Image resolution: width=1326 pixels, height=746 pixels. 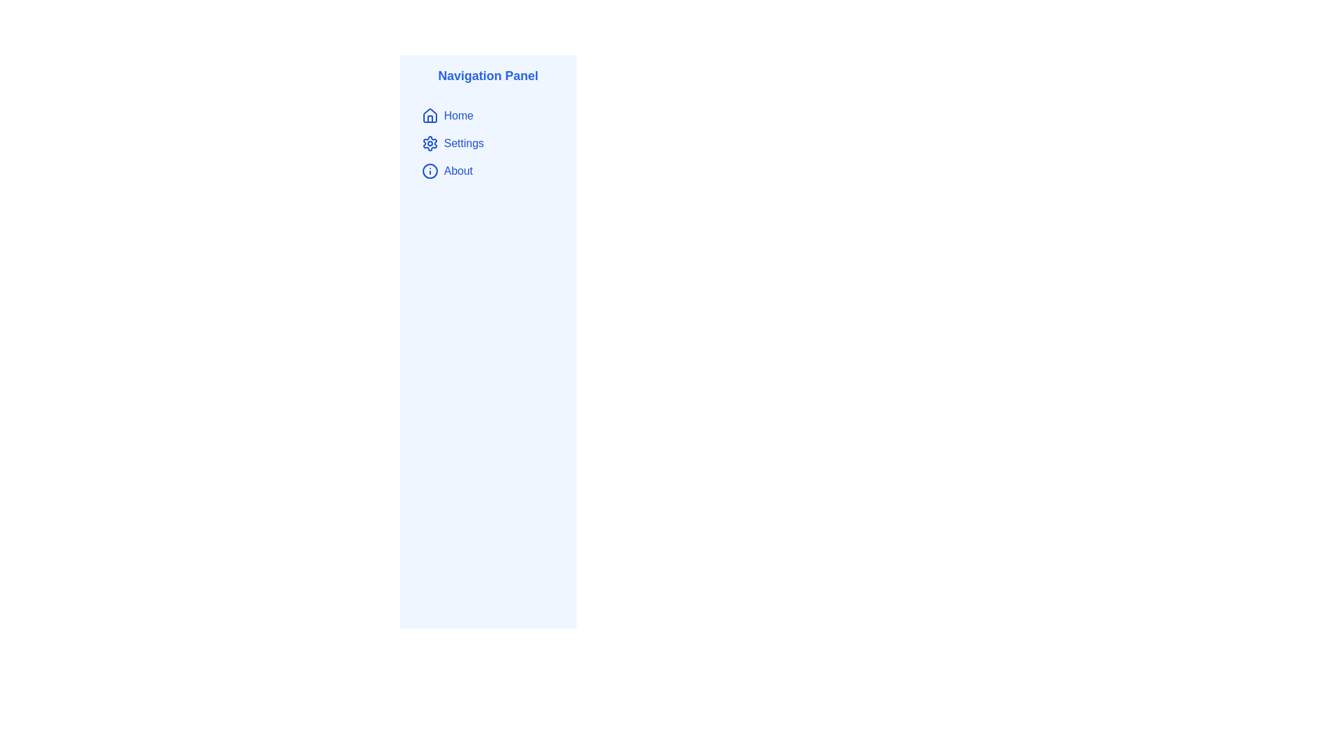 I want to click on the 'Navigation Panel' text label, which displays the text in bold and blue font at the top of the sidebar menu, so click(x=488, y=76).